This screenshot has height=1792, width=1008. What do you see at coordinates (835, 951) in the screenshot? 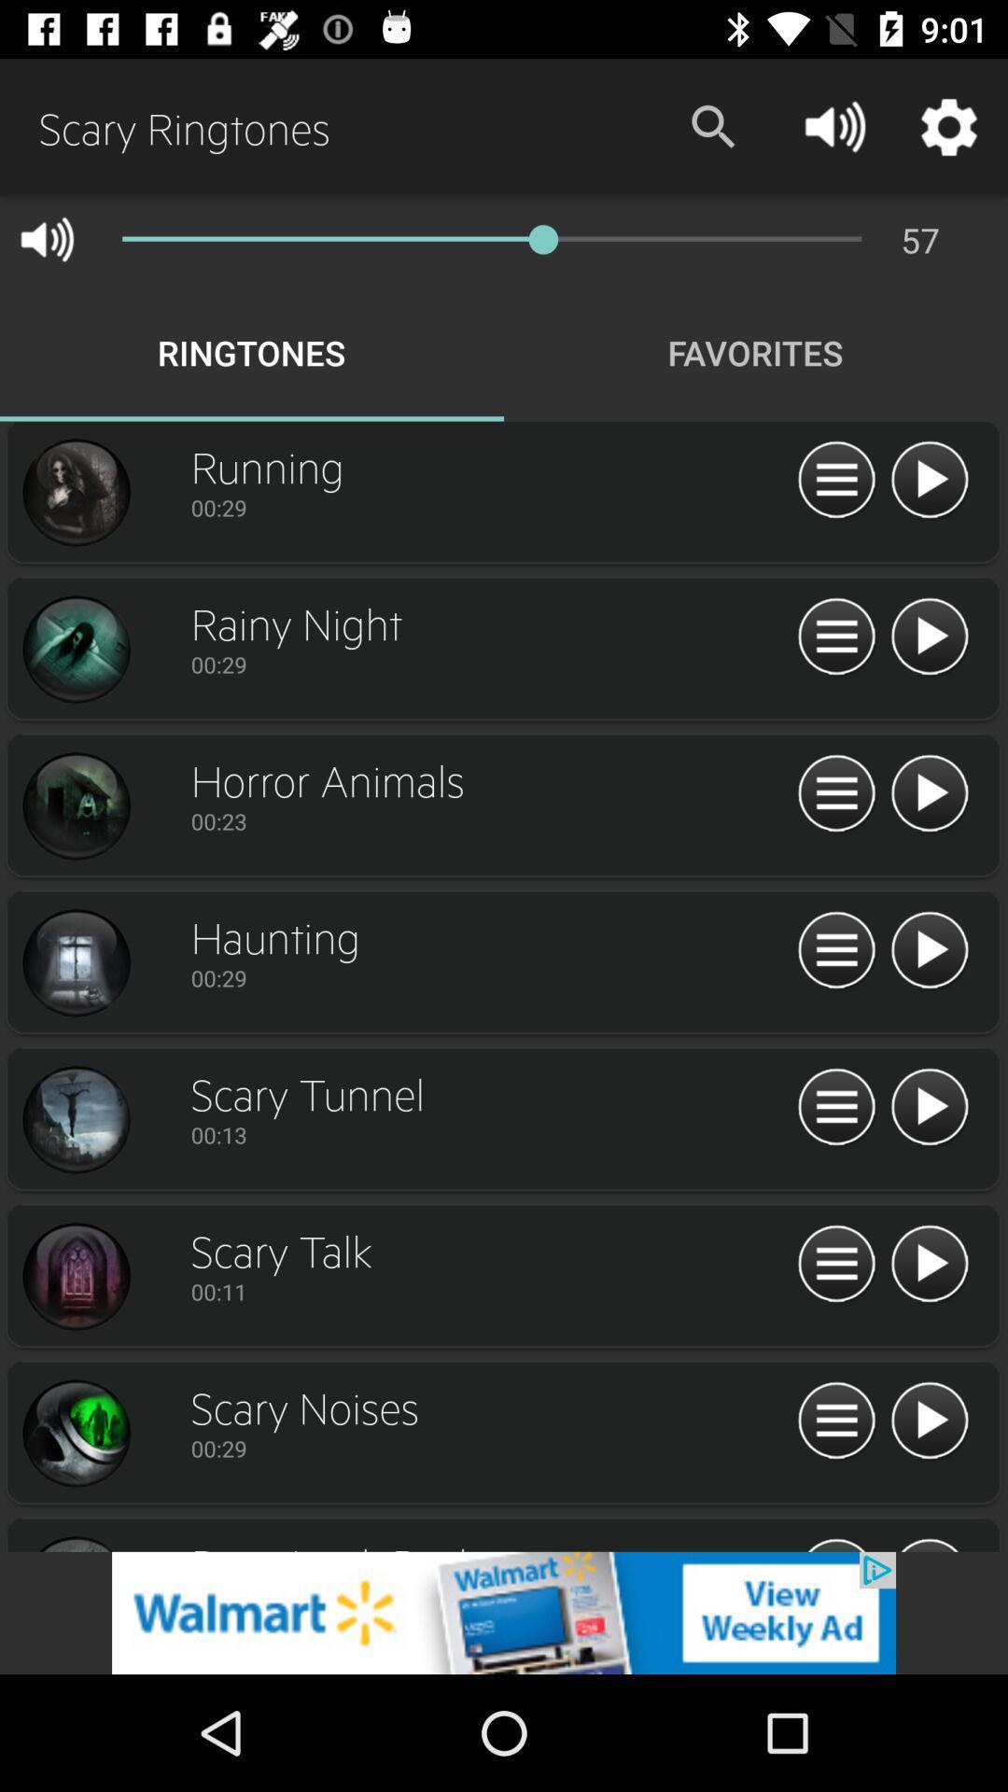
I see `song` at bounding box center [835, 951].